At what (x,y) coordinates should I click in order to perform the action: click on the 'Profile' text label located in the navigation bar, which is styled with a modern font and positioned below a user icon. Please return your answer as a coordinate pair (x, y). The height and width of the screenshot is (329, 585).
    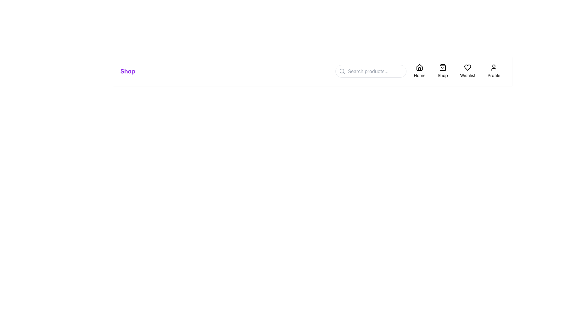
    Looking at the image, I should click on (494, 75).